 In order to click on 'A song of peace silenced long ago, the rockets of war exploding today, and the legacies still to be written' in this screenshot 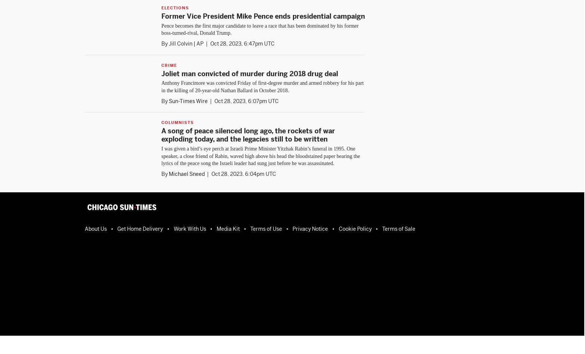, I will do `click(248, 134)`.